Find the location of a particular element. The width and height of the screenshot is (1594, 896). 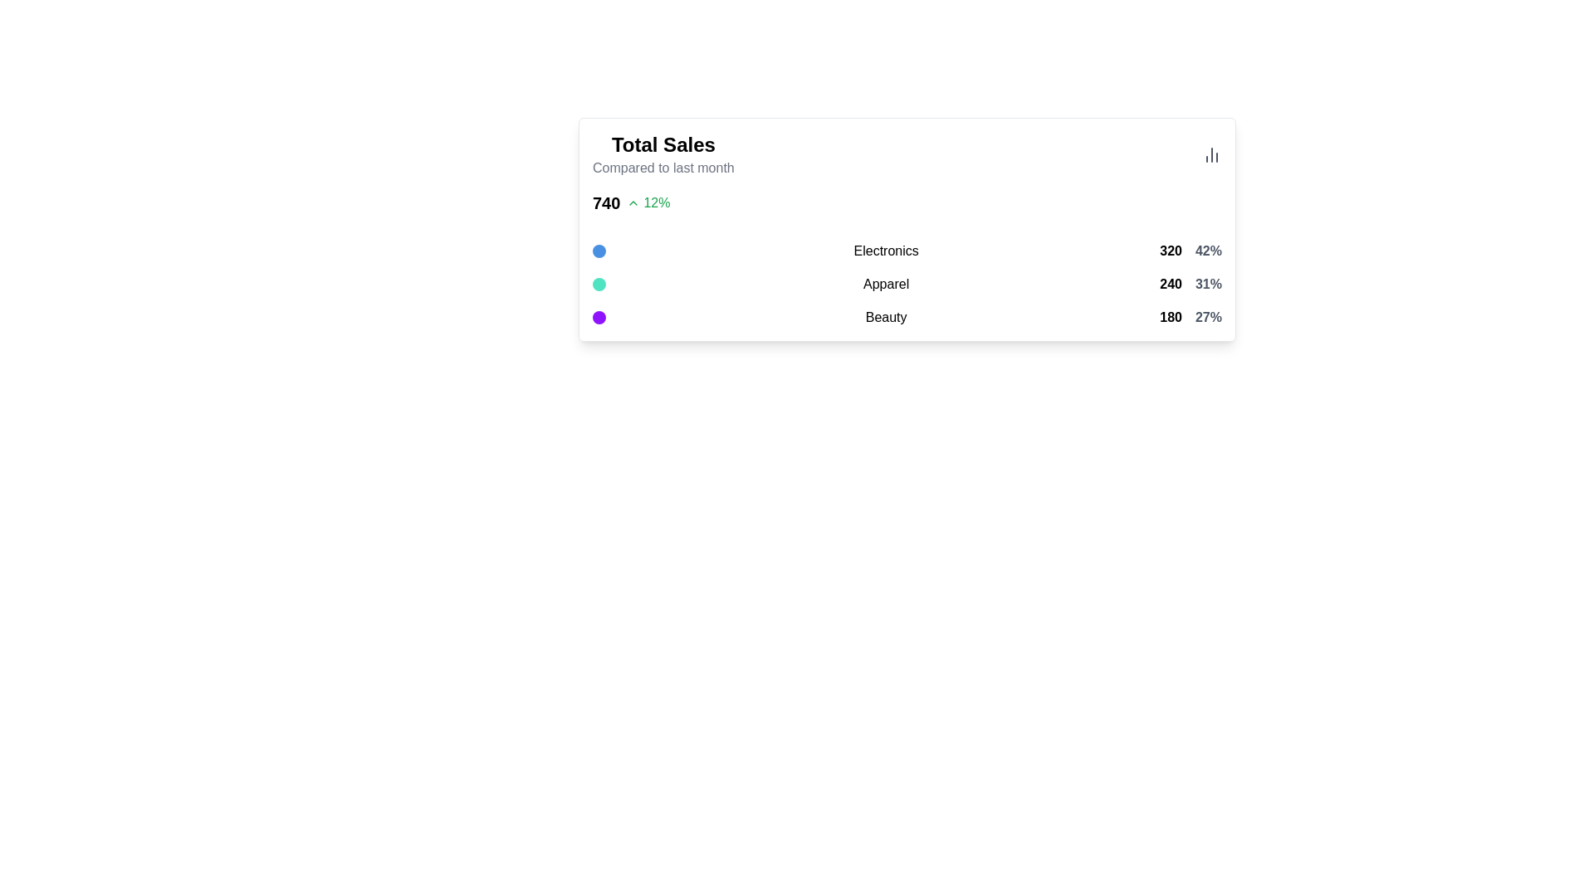

the vibrant purple circular Color Indicator located to the left of the 'Beauty' label in the vertical list of items is located at coordinates (598, 317).